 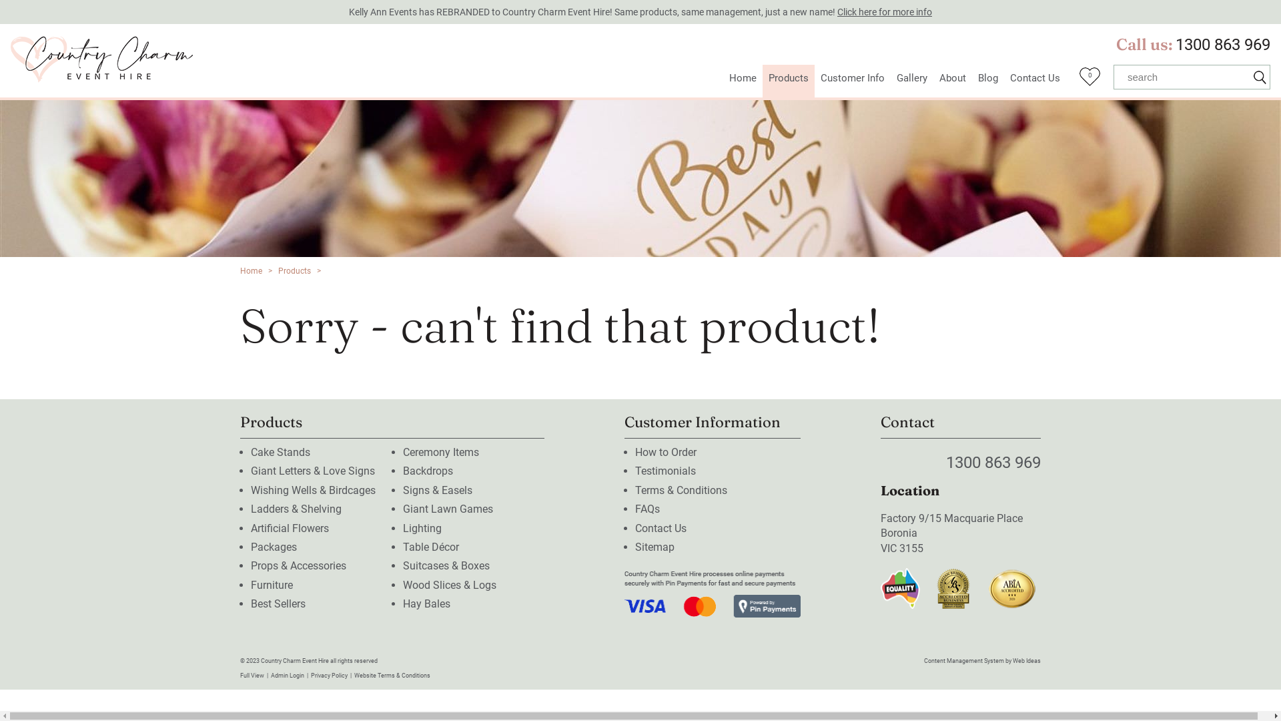 What do you see at coordinates (1223, 43) in the screenshot?
I see `'1300 863 969'` at bounding box center [1223, 43].